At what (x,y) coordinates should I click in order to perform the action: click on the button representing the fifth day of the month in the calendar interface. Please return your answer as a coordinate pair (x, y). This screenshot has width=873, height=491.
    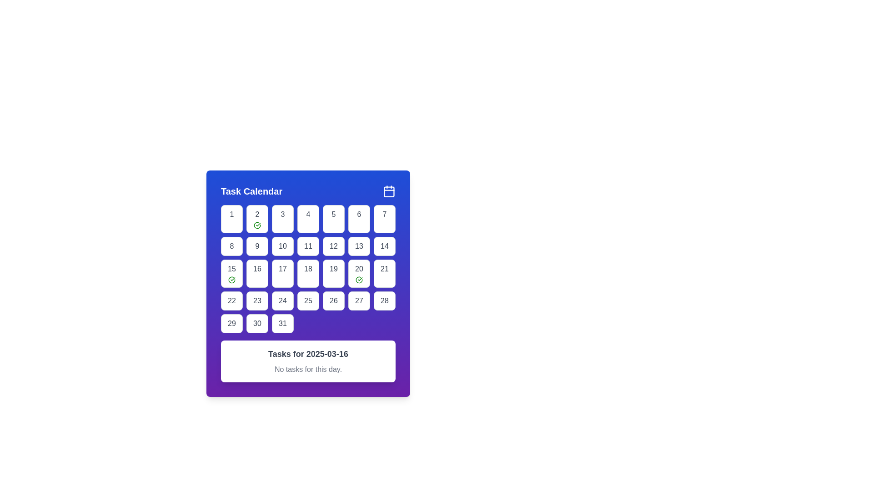
    Looking at the image, I should click on (333, 219).